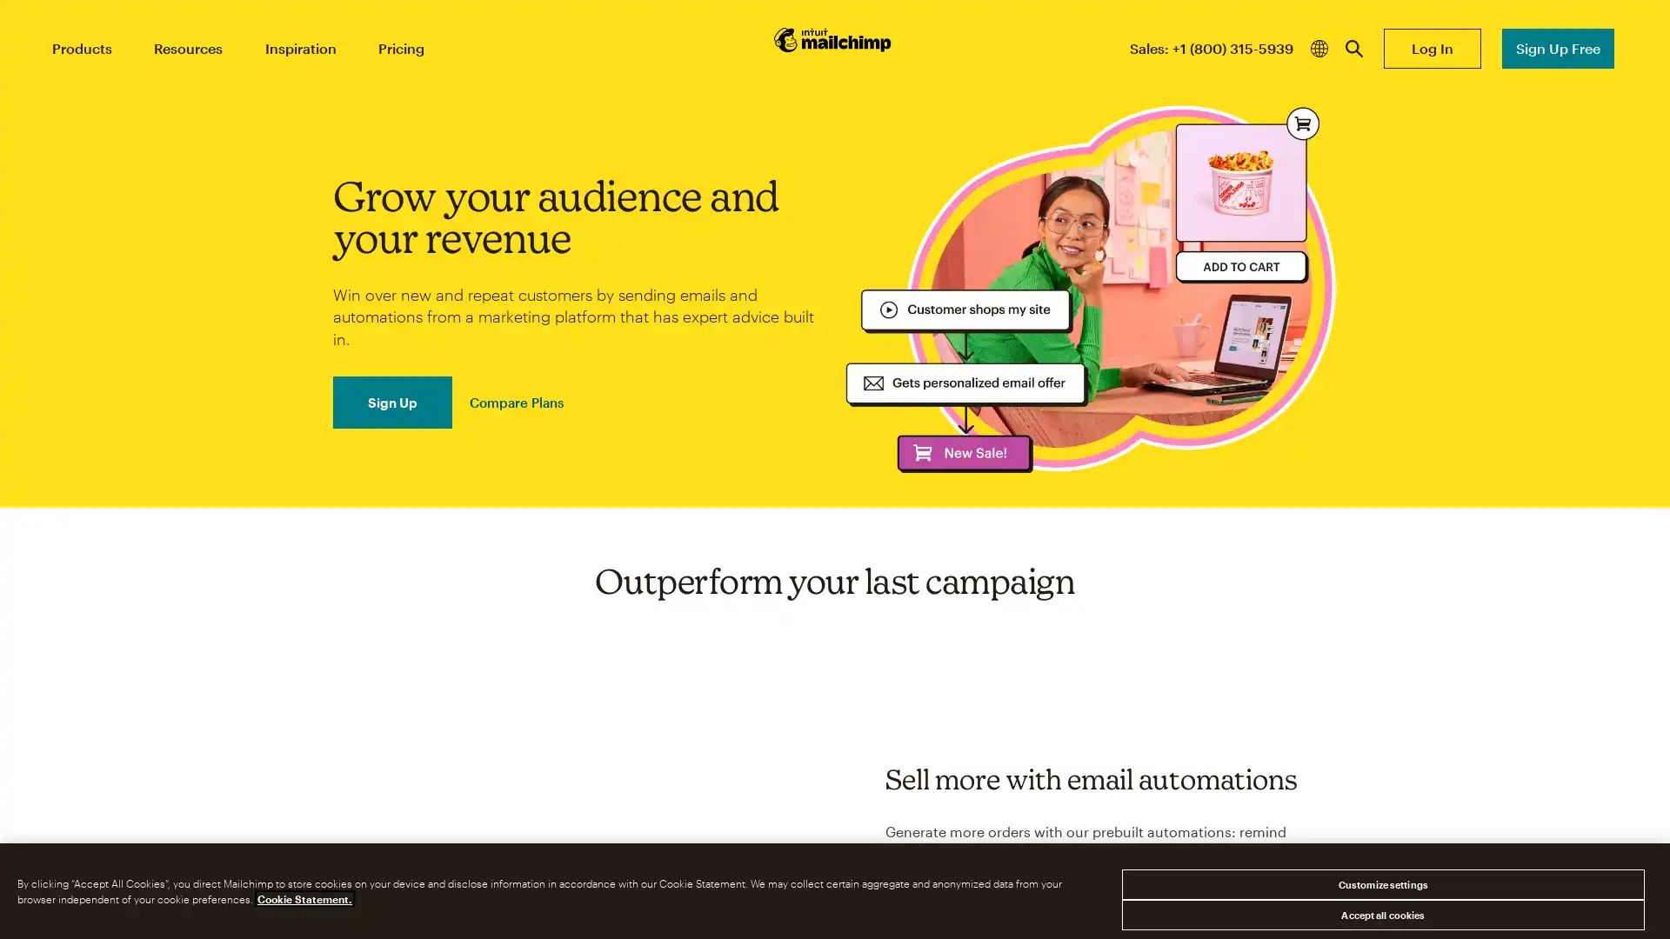 The image size is (1670, 939). Describe the element at coordinates (1381, 914) in the screenshot. I see `Accept all cookies` at that location.